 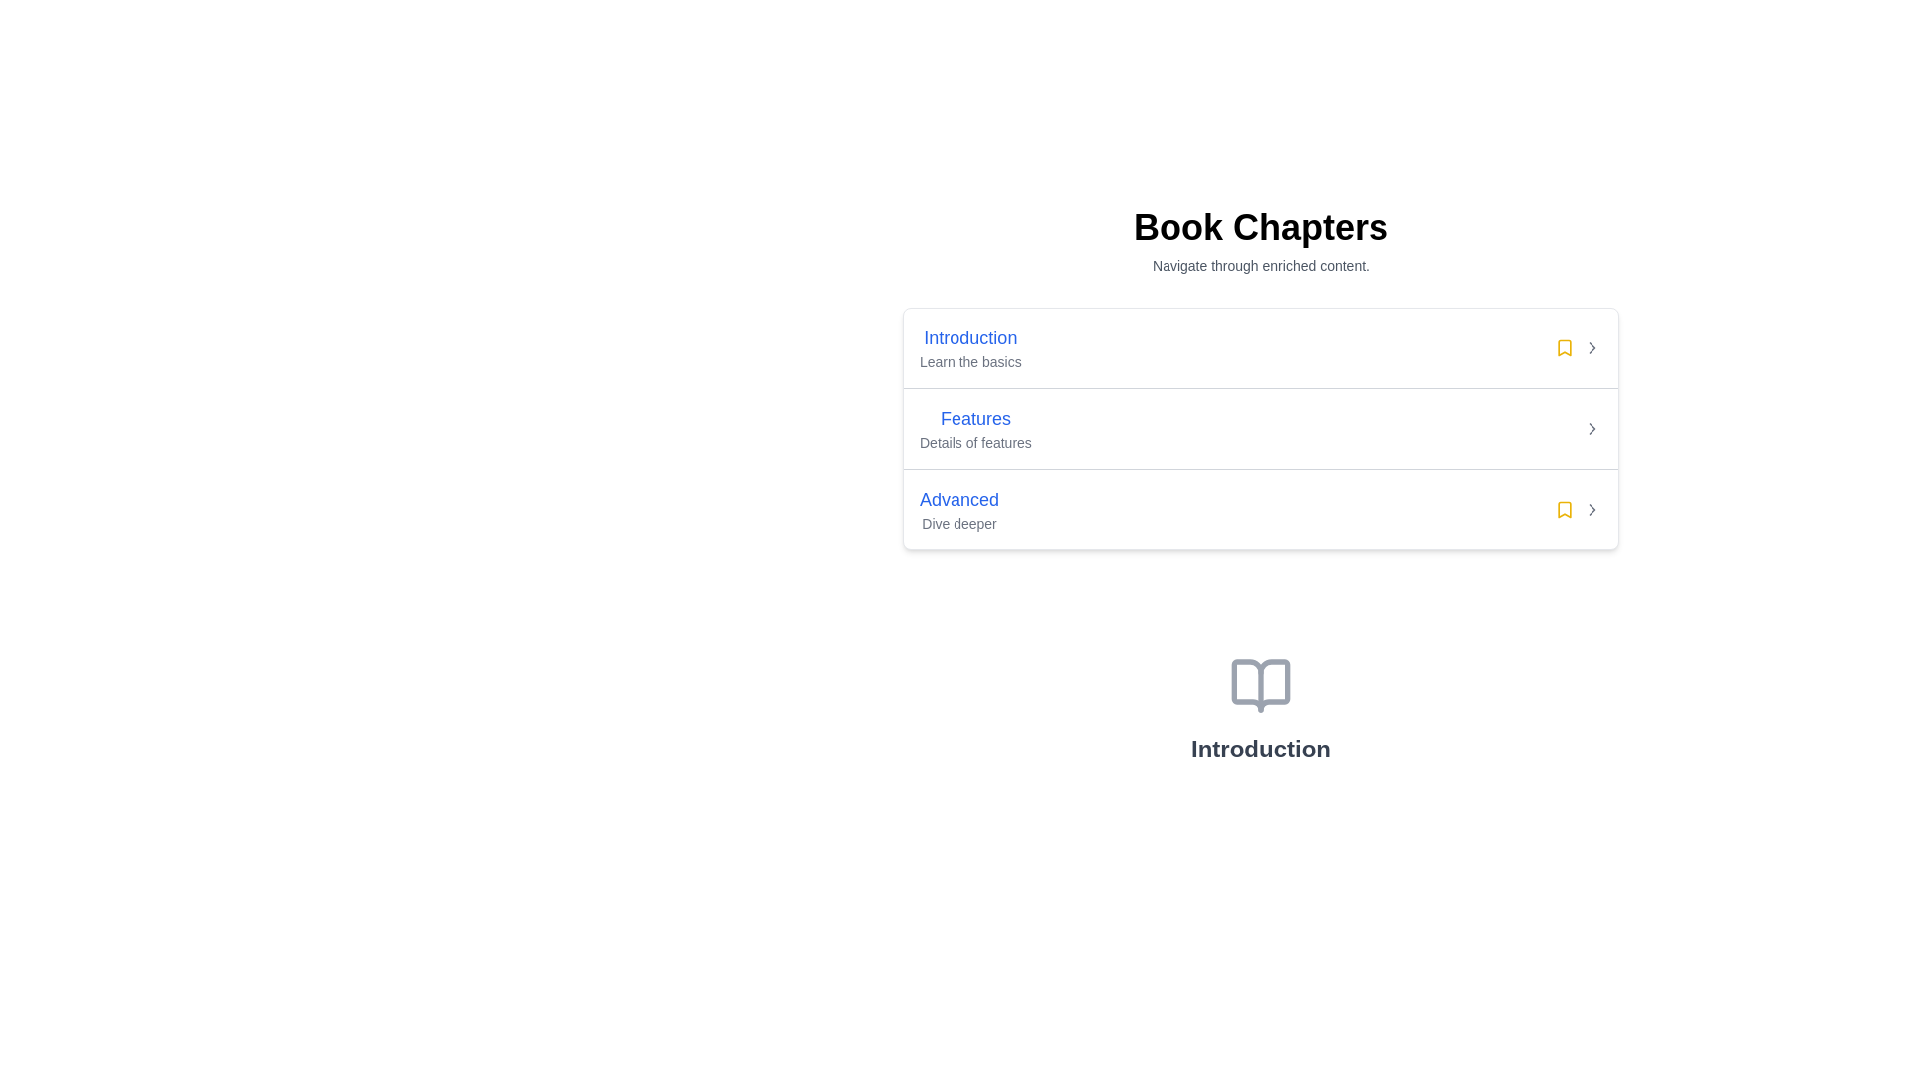 What do you see at coordinates (975, 428) in the screenshot?
I see `description of the 'Features' chapter link, which is the second item in the list of chapter links allowing navigation to that section` at bounding box center [975, 428].